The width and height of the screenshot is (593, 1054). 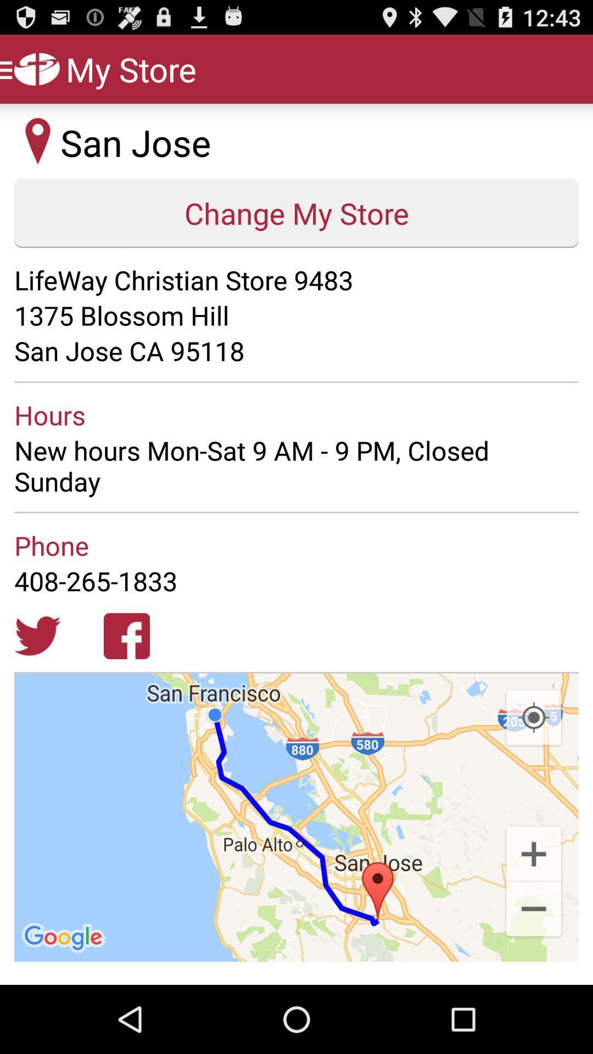 What do you see at coordinates (126, 636) in the screenshot?
I see `open facebook page` at bounding box center [126, 636].